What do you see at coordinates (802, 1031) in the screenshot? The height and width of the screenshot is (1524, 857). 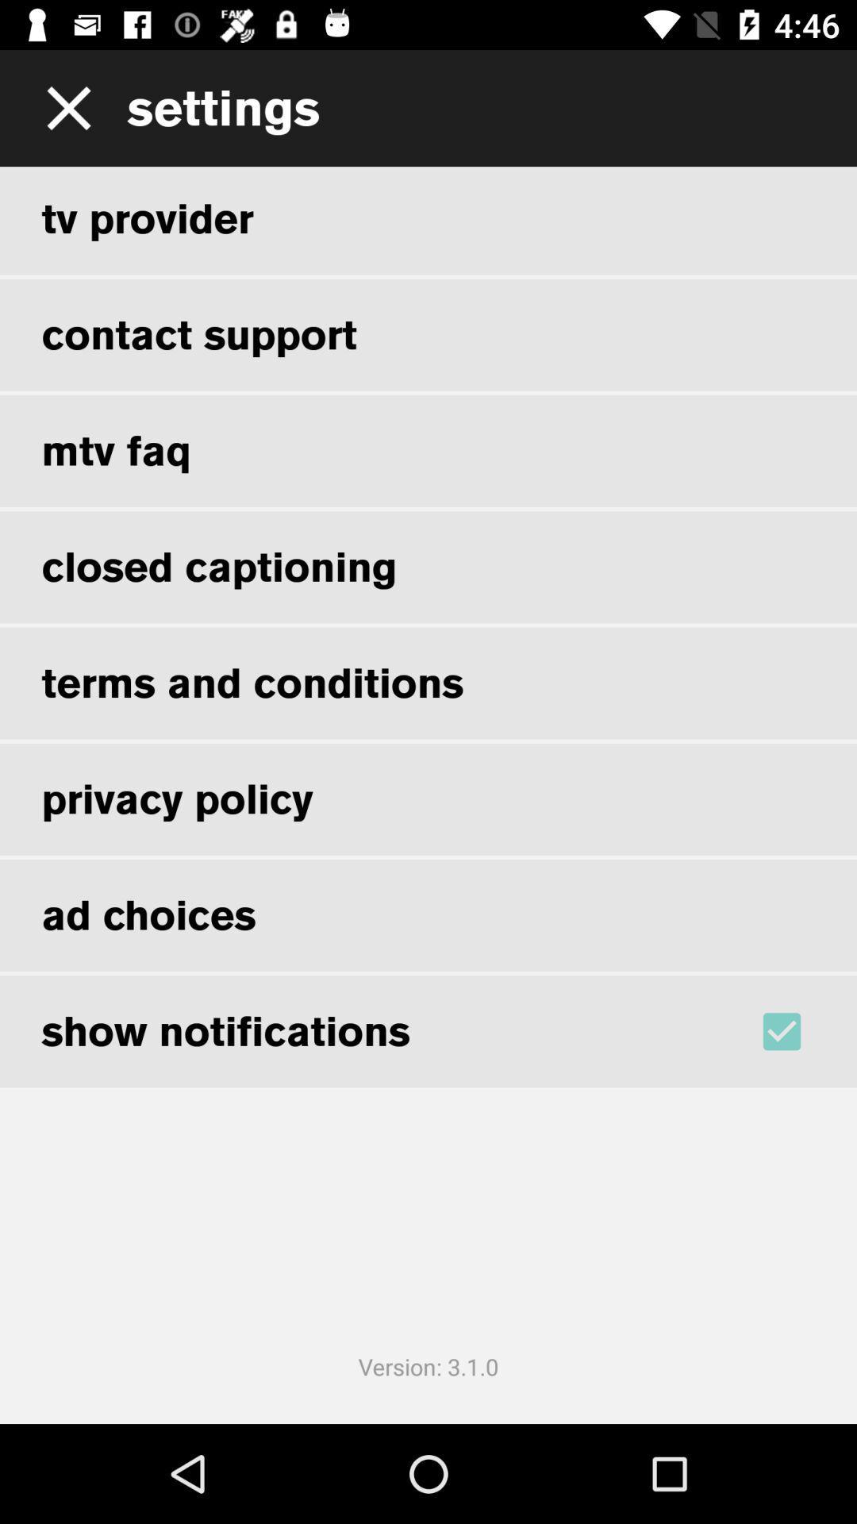 I see `show notifications checkbox` at bounding box center [802, 1031].